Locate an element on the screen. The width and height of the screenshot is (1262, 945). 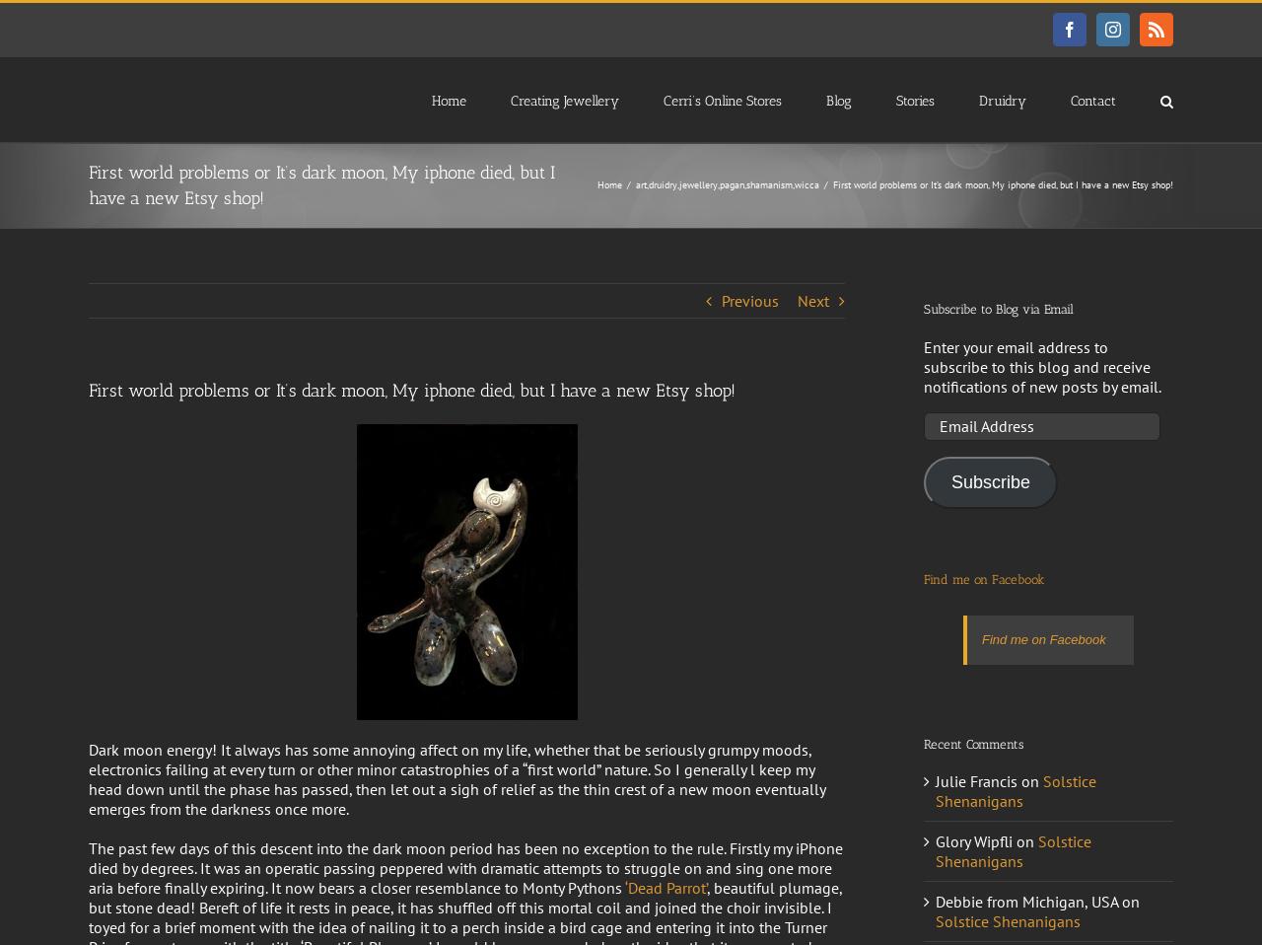
'Creating Jewellery' is located at coordinates (564, 100).